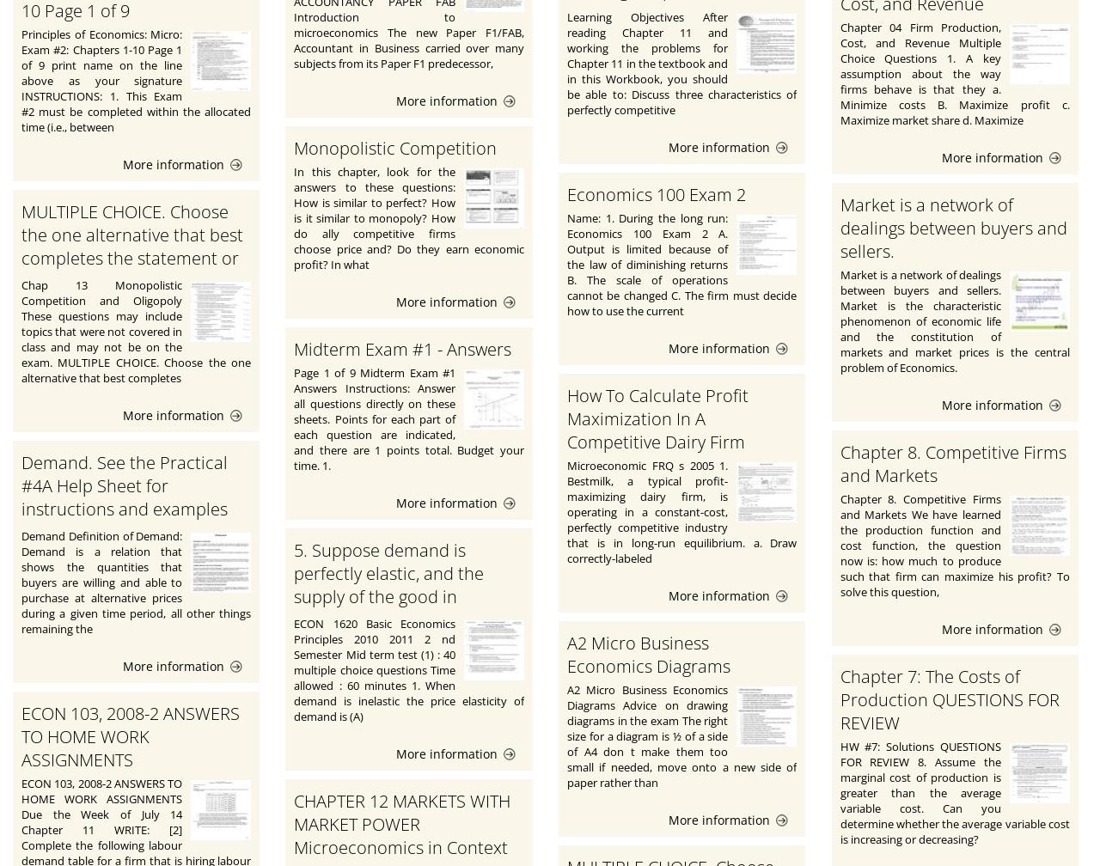 This screenshot has width=1100, height=866. I want to click on 'Market is a network of dealings between buyers and sellers.', so click(840, 227).